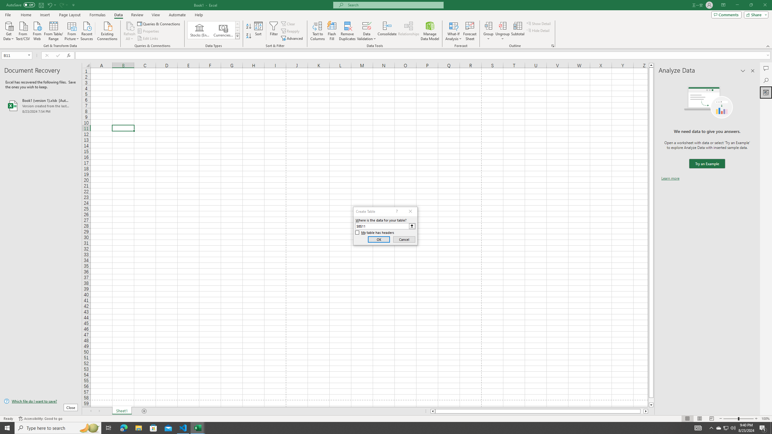 The width and height of the screenshot is (772, 434). Describe the element at coordinates (429, 31) in the screenshot. I see `'Manage Data Model'` at that location.